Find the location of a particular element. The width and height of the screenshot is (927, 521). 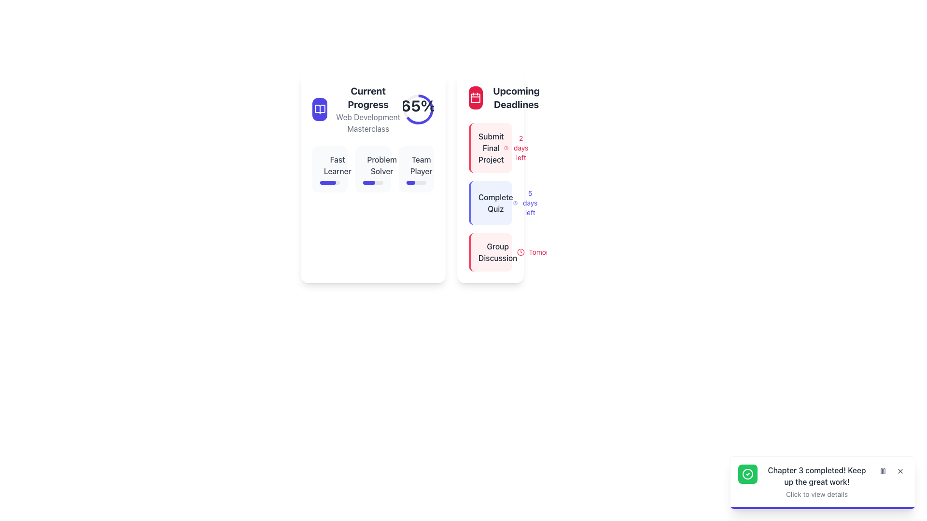

the text label indicating a specific task or event in the deadlines section, located centrally within the second box under the 'Upcoming Deadlines' column is located at coordinates (495, 202).